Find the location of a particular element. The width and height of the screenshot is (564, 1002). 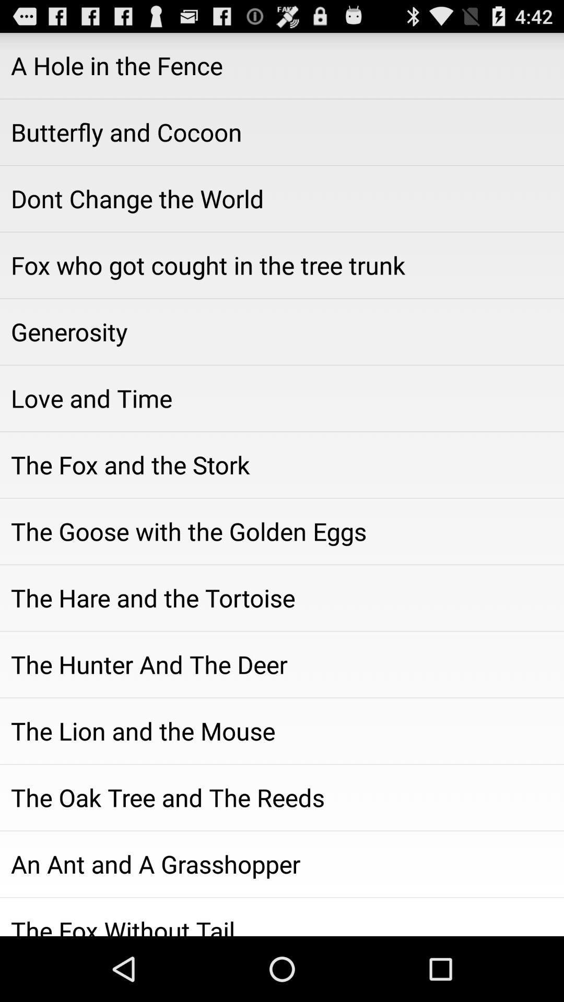

app above generosity app is located at coordinates (282, 265).